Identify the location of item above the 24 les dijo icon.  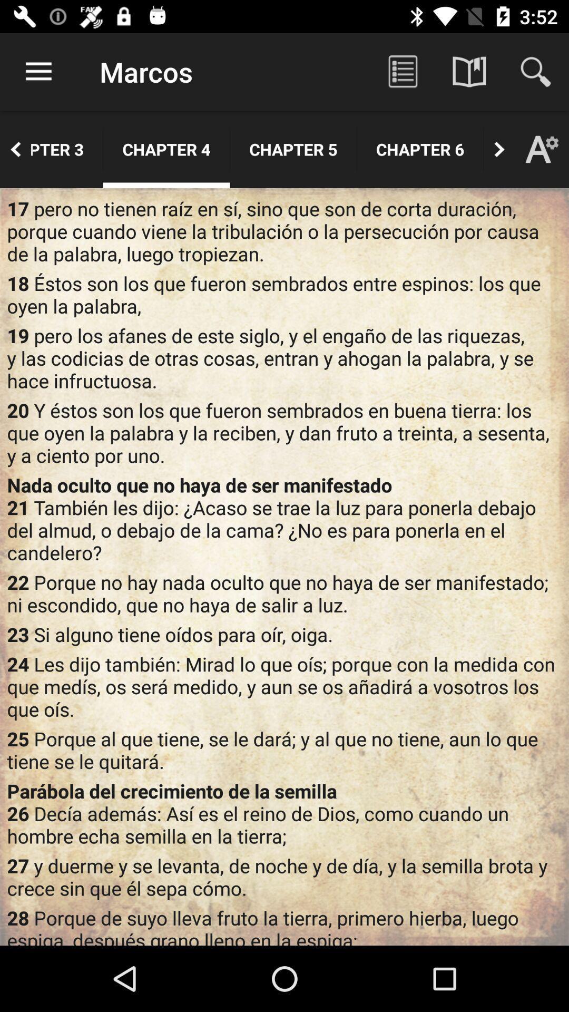
(284, 634).